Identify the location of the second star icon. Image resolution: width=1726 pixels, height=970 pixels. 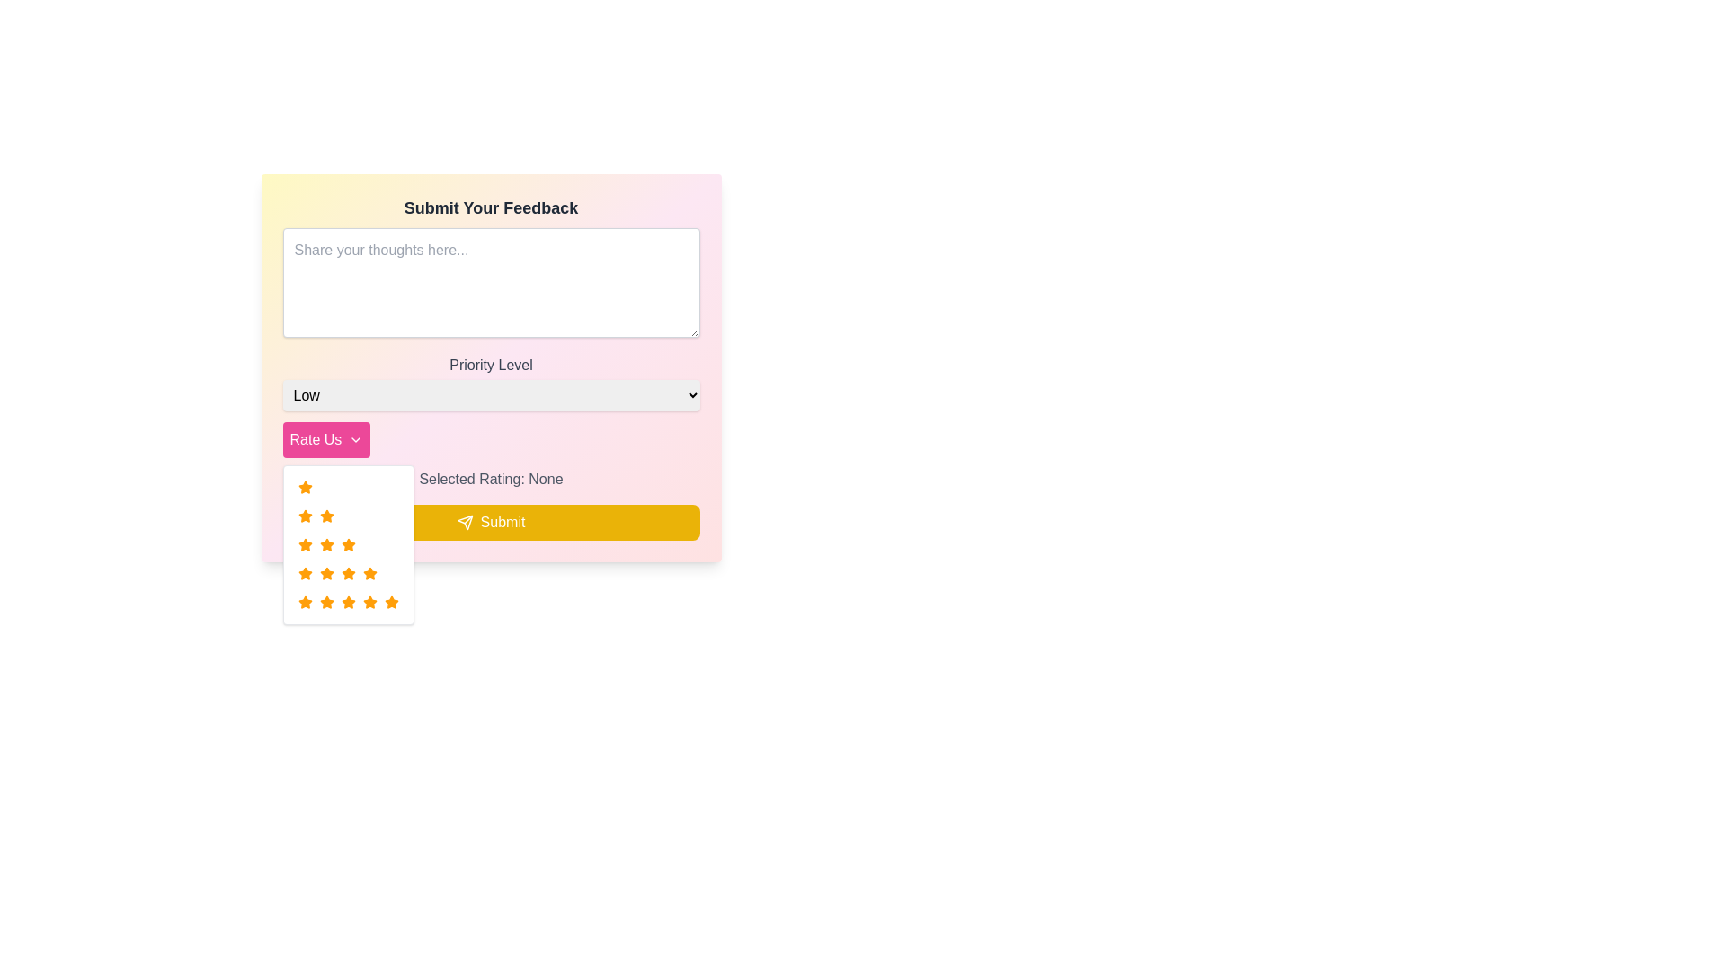
(348, 543).